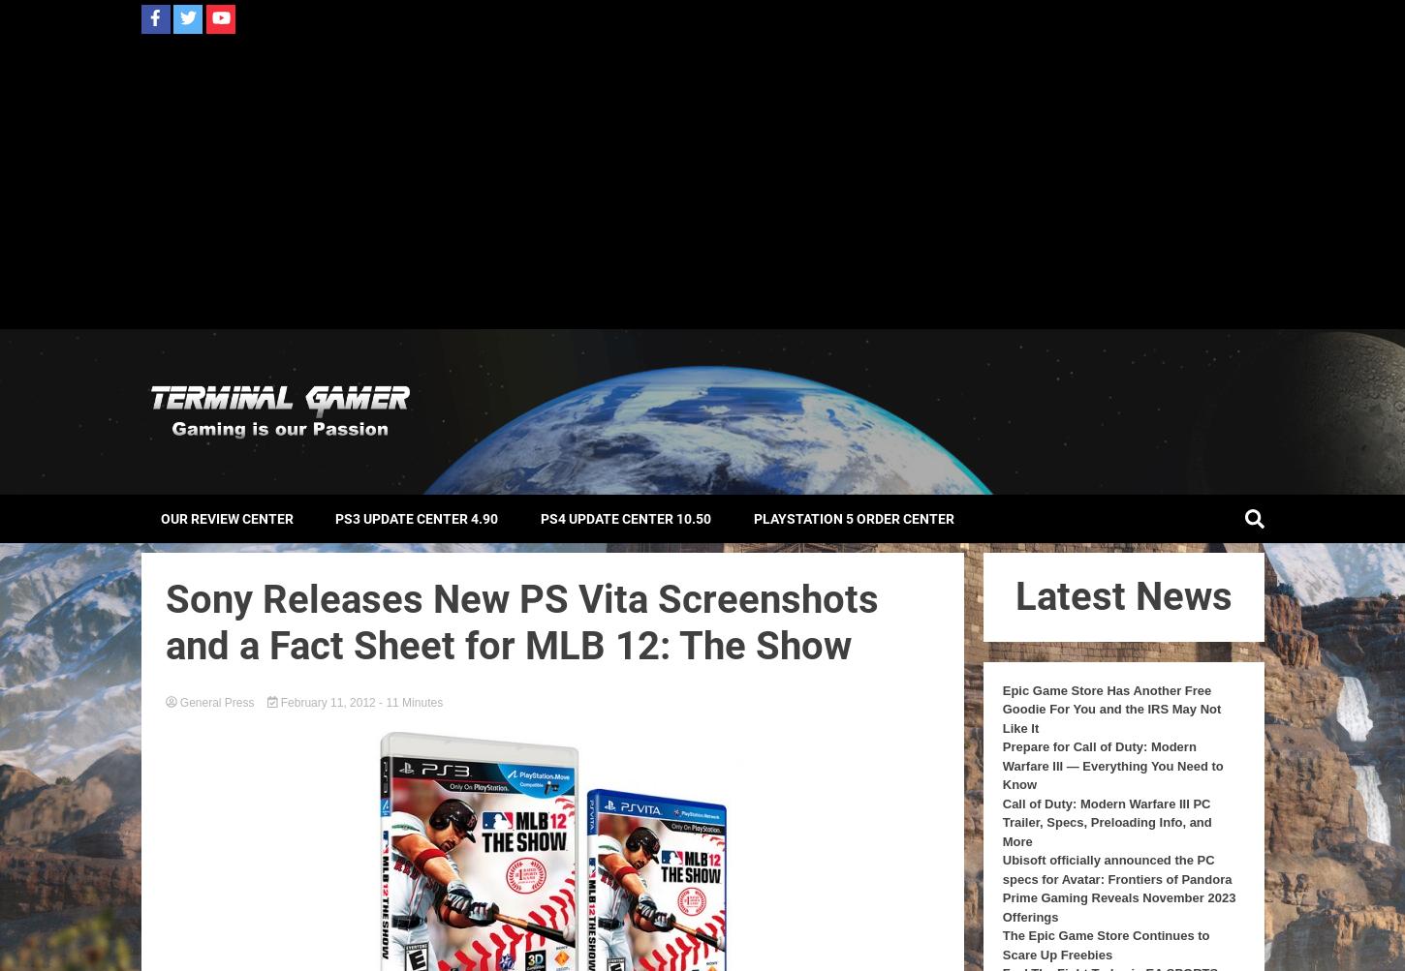  Describe the element at coordinates (621, 569) in the screenshot. I see `'PSP Update Center 6.61'` at that location.